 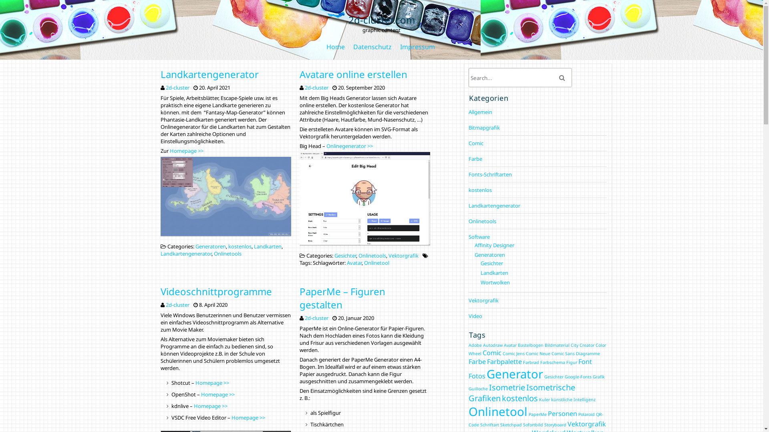 What do you see at coordinates (381, 23) in the screenshot?
I see `'2d-cluster.com'` at bounding box center [381, 23].